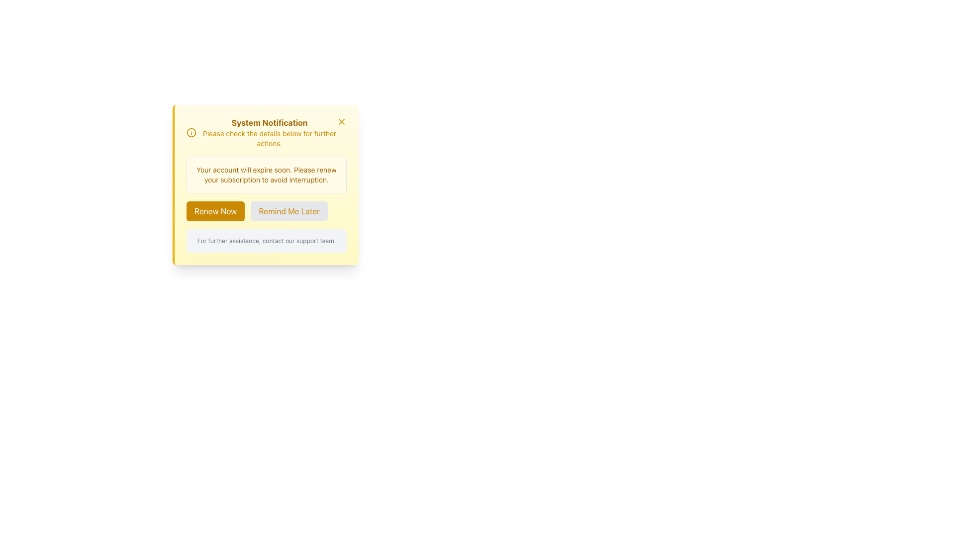  Describe the element at coordinates (267, 174) in the screenshot. I see `the informative text label that alerts the user about account expiration, which is centrally positioned in the notification panel` at that location.